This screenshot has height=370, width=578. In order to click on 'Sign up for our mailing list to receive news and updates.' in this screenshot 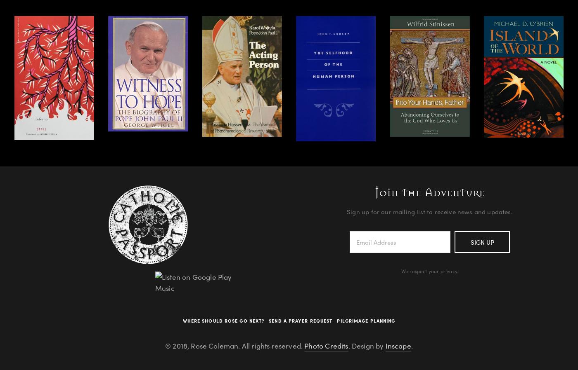, I will do `click(429, 211)`.